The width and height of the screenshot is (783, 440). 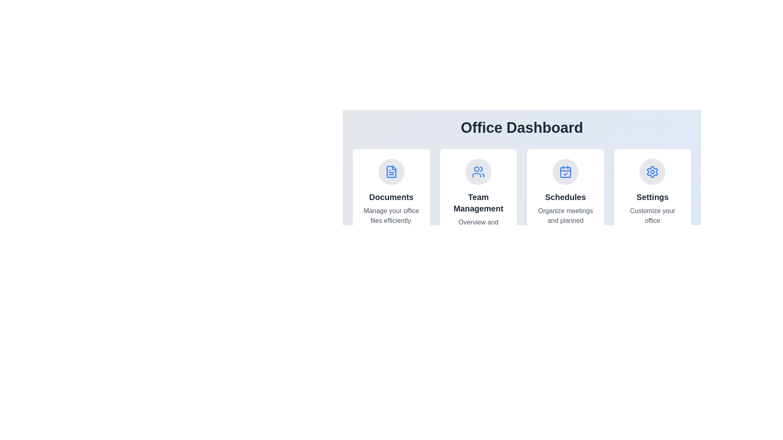 I want to click on the calendar icon with a checkmark, styled in a blue outline, located on the third card under 'Office Dashboard', directly above the text 'Schedules', so click(x=565, y=171).